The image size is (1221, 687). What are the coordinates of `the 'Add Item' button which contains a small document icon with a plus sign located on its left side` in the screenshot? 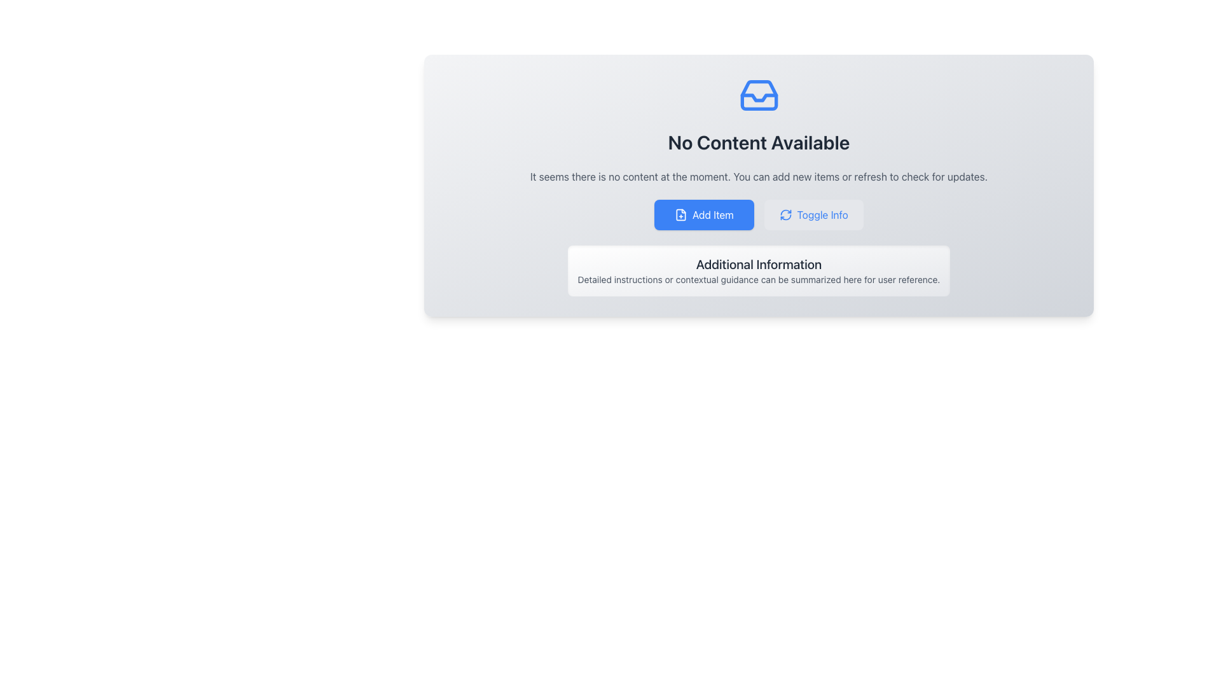 It's located at (680, 214).